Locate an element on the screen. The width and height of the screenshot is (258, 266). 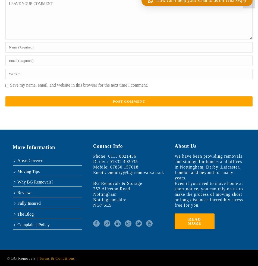
'0115 8821436' is located at coordinates (122, 156).